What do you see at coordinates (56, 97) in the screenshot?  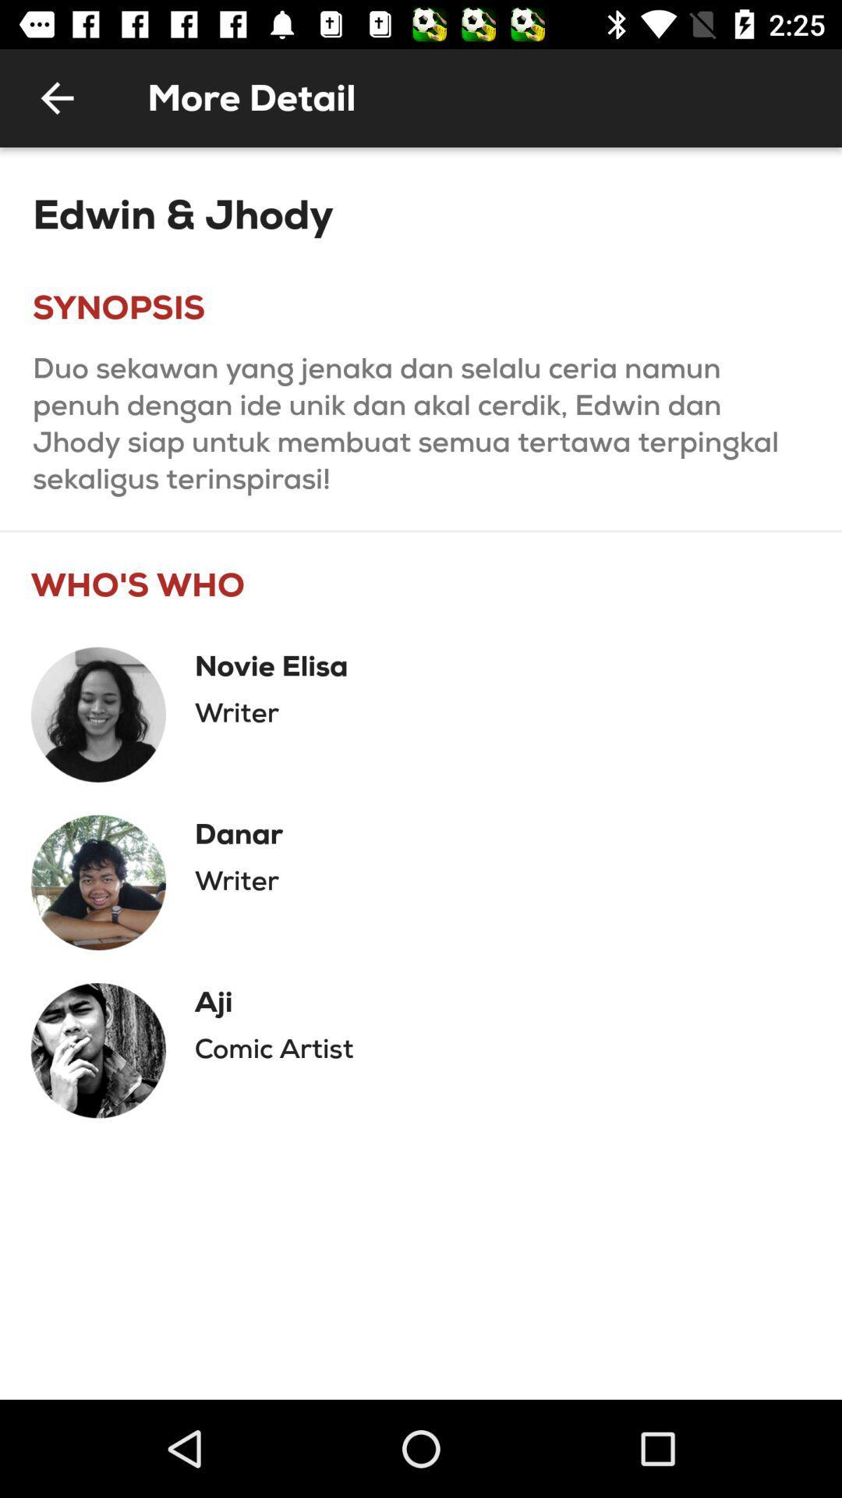 I see `icon above edwin & jhody item` at bounding box center [56, 97].